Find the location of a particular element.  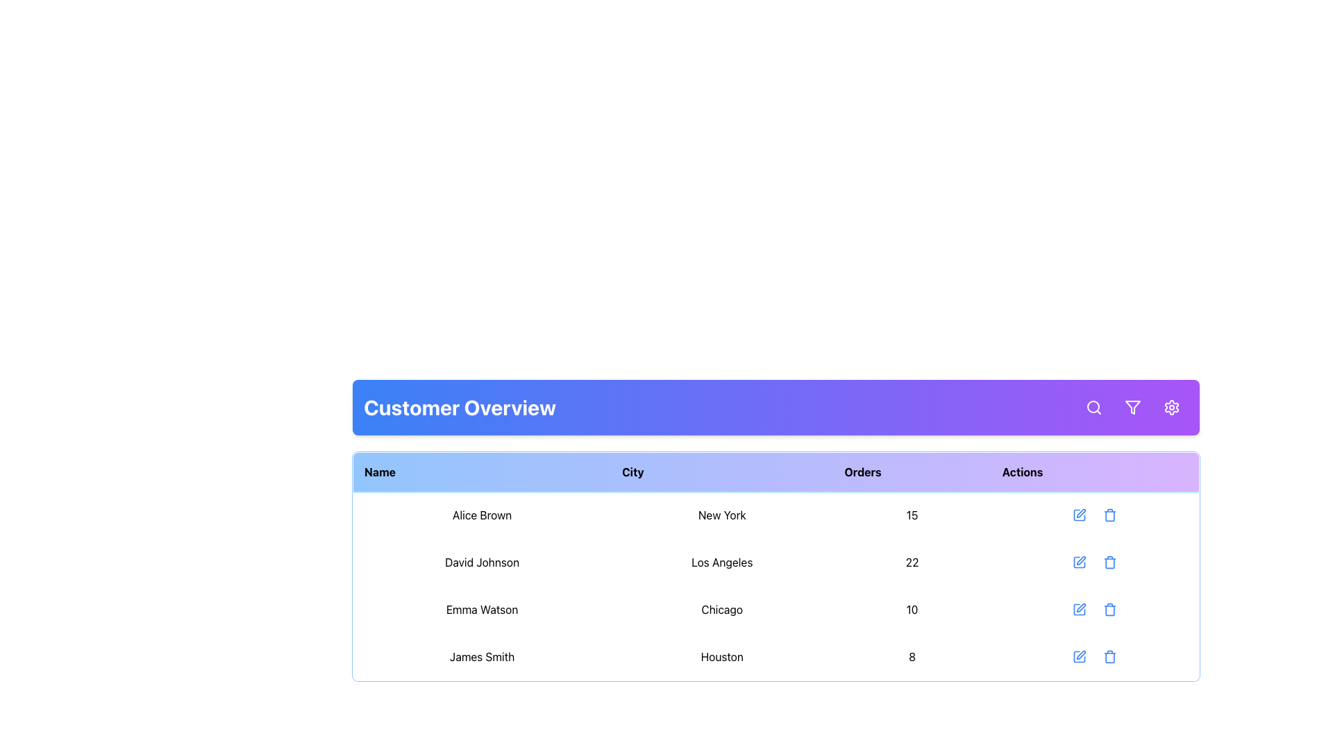

the text label representing the number of orders associated with 'James Smith' in the 'Orders' column of the table is located at coordinates (912, 656).